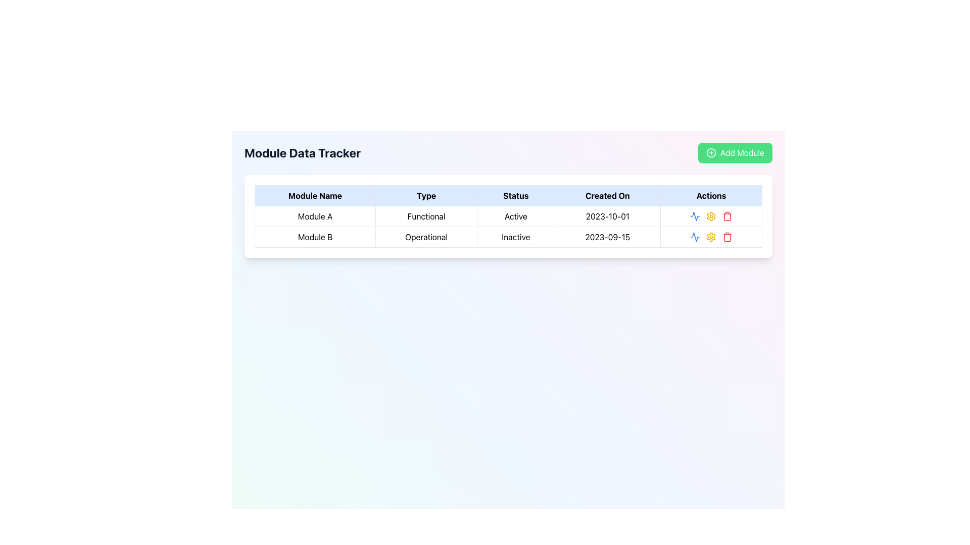 The height and width of the screenshot is (545, 970). What do you see at coordinates (710, 215) in the screenshot?
I see `the blank area in the 'Actions' column of the first row labeled 'Module A' in the 'Module Data Tracker' table` at bounding box center [710, 215].